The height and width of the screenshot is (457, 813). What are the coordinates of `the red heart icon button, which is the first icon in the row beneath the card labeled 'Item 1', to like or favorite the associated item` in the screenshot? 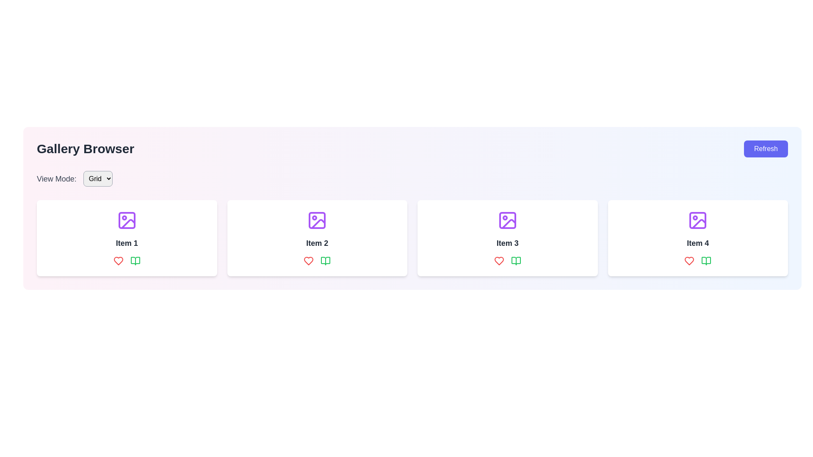 It's located at (118, 261).